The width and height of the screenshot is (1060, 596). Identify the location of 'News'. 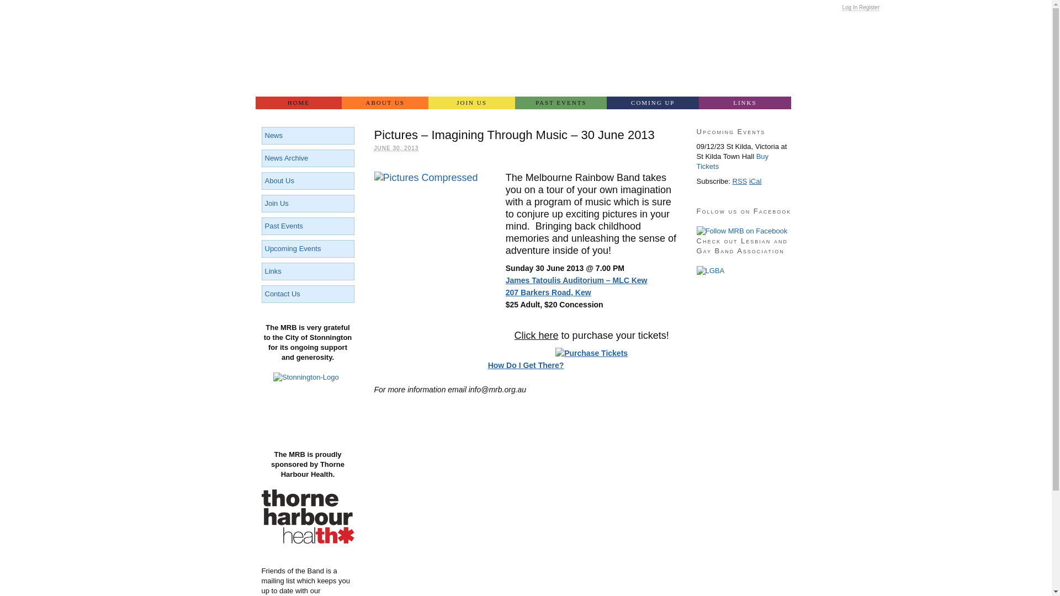
(265, 135).